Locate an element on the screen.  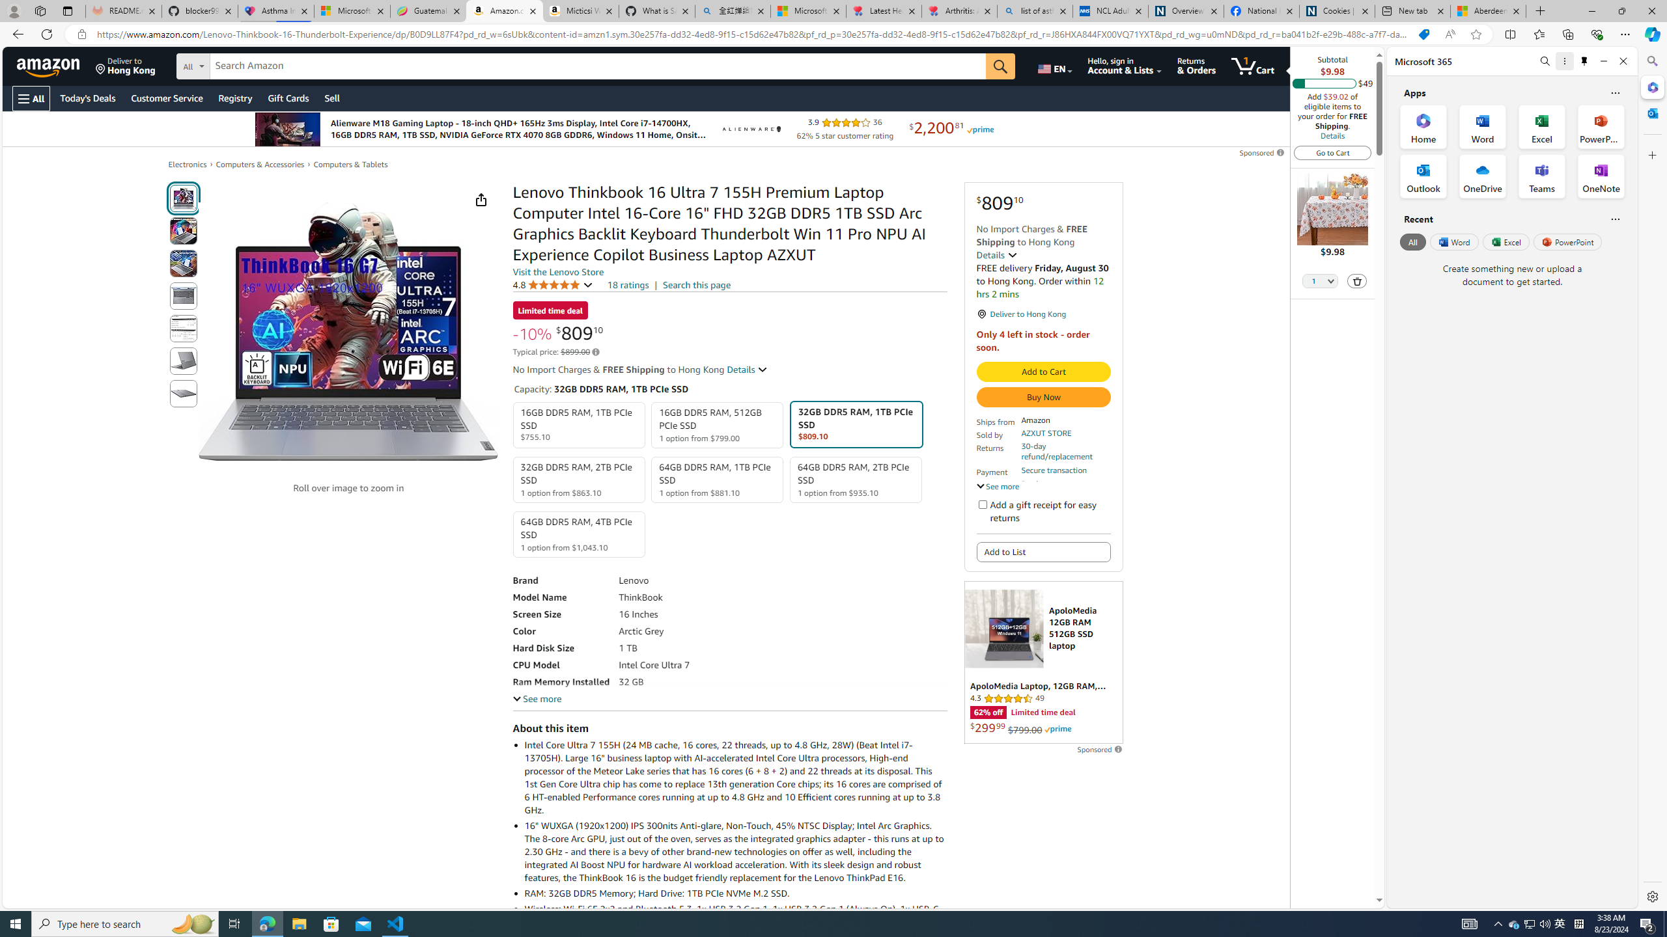
'Computers & Accessories' is located at coordinates (260, 164).